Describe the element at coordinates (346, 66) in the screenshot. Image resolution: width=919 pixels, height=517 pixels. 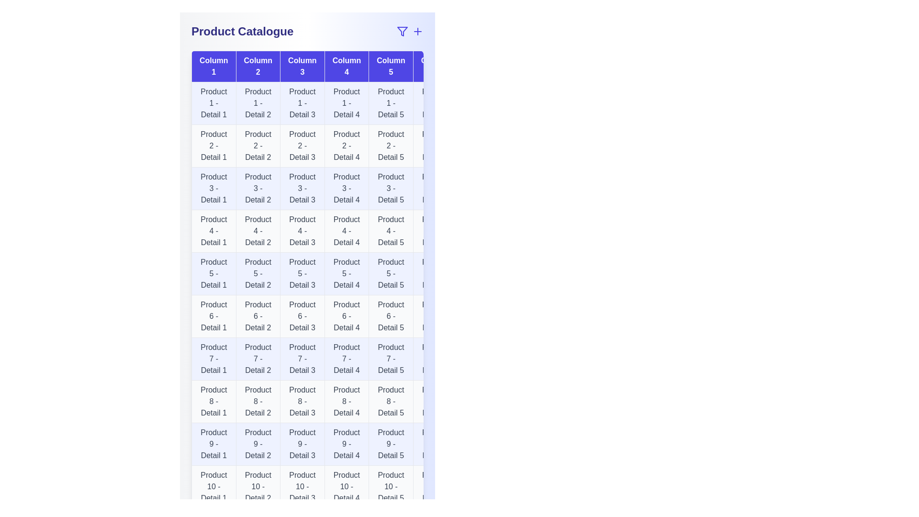
I see `the header of column Column 4 to sort the table by that column` at that location.